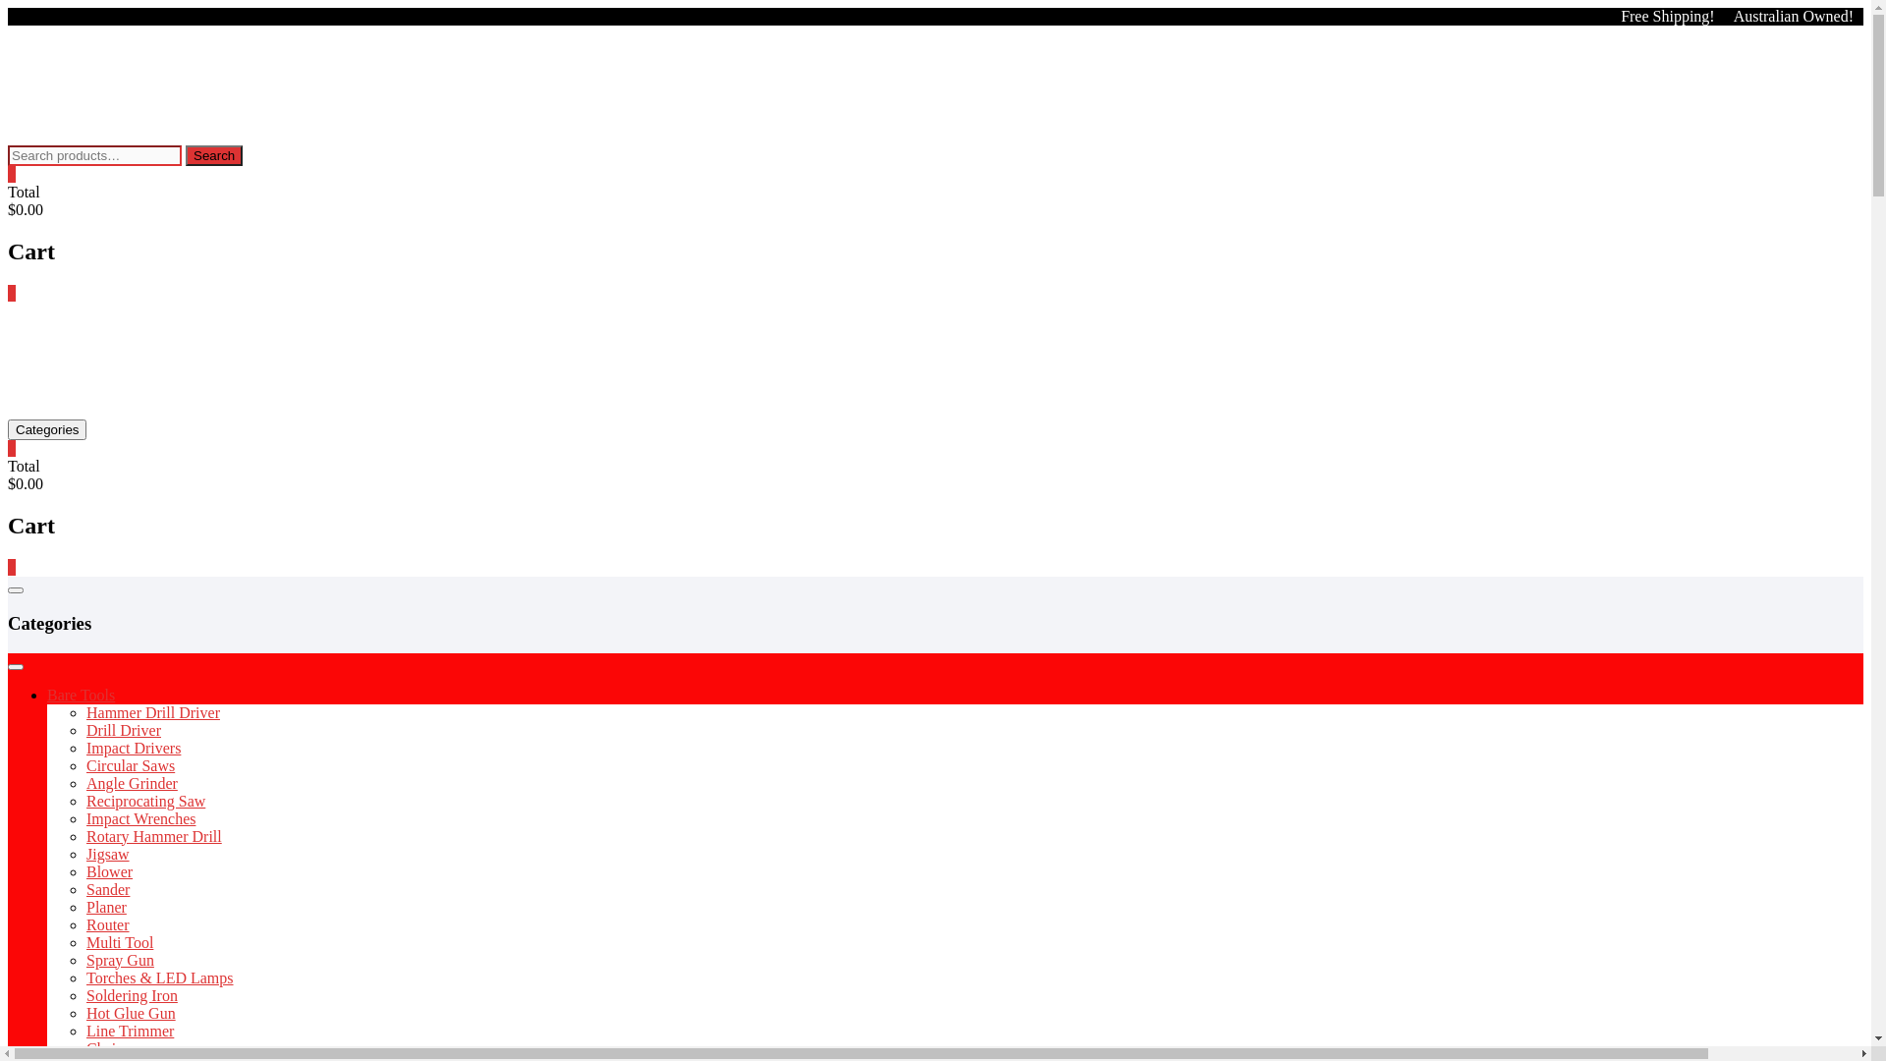 The image size is (1886, 1061). I want to click on 'Categories', so click(47, 428).